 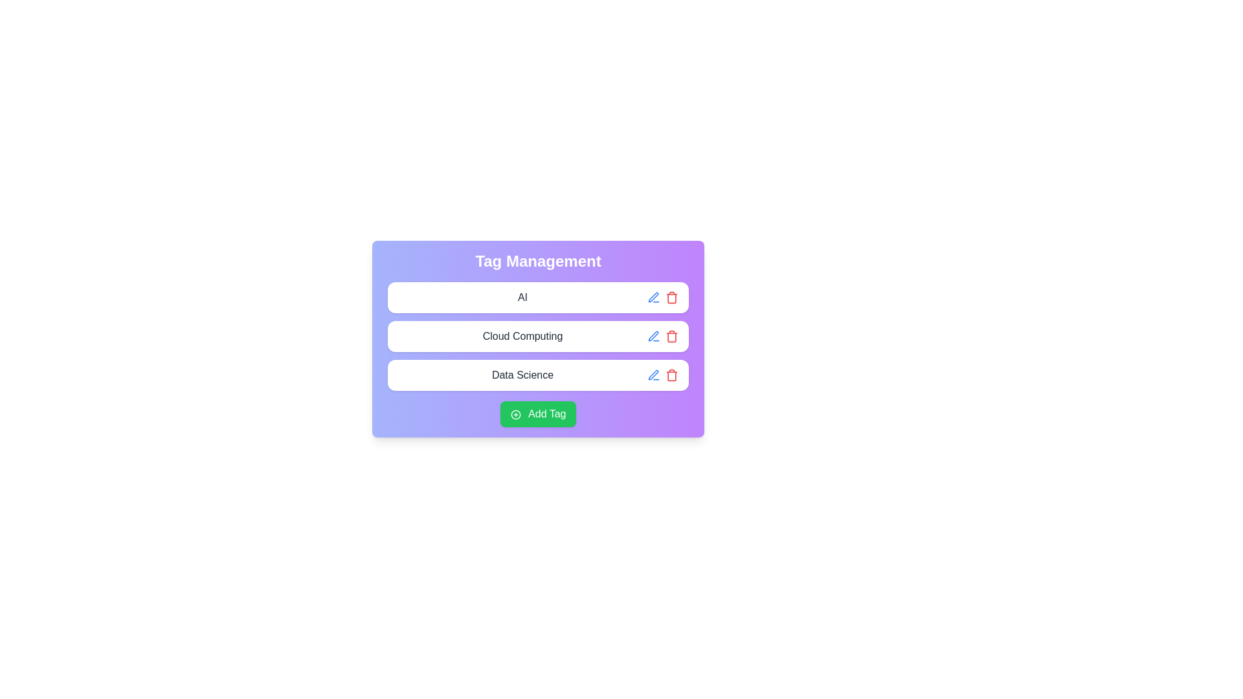 What do you see at coordinates (515, 414) in the screenshot?
I see `the icon representing the addition of a new tag located inside the 'Add Tag' button, which is centered horizontally in the green section at the bottom of the interface` at bounding box center [515, 414].